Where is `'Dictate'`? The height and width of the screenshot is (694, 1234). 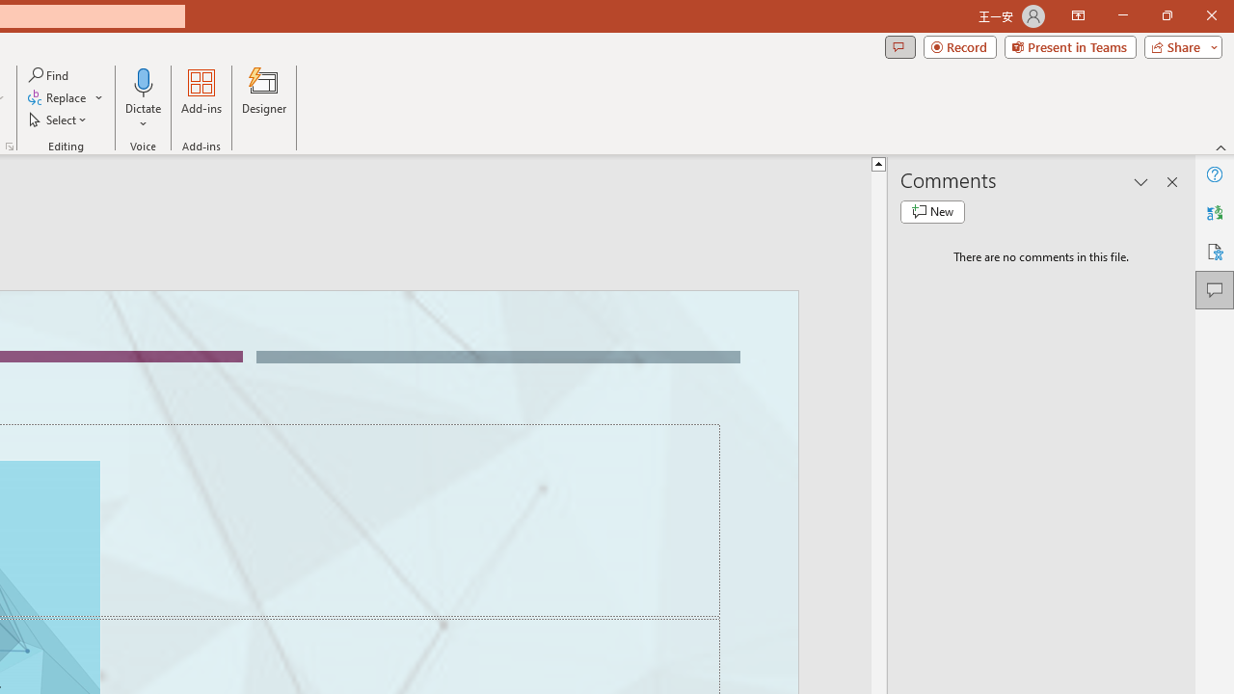 'Dictate' is located at coordinates (143, 99).